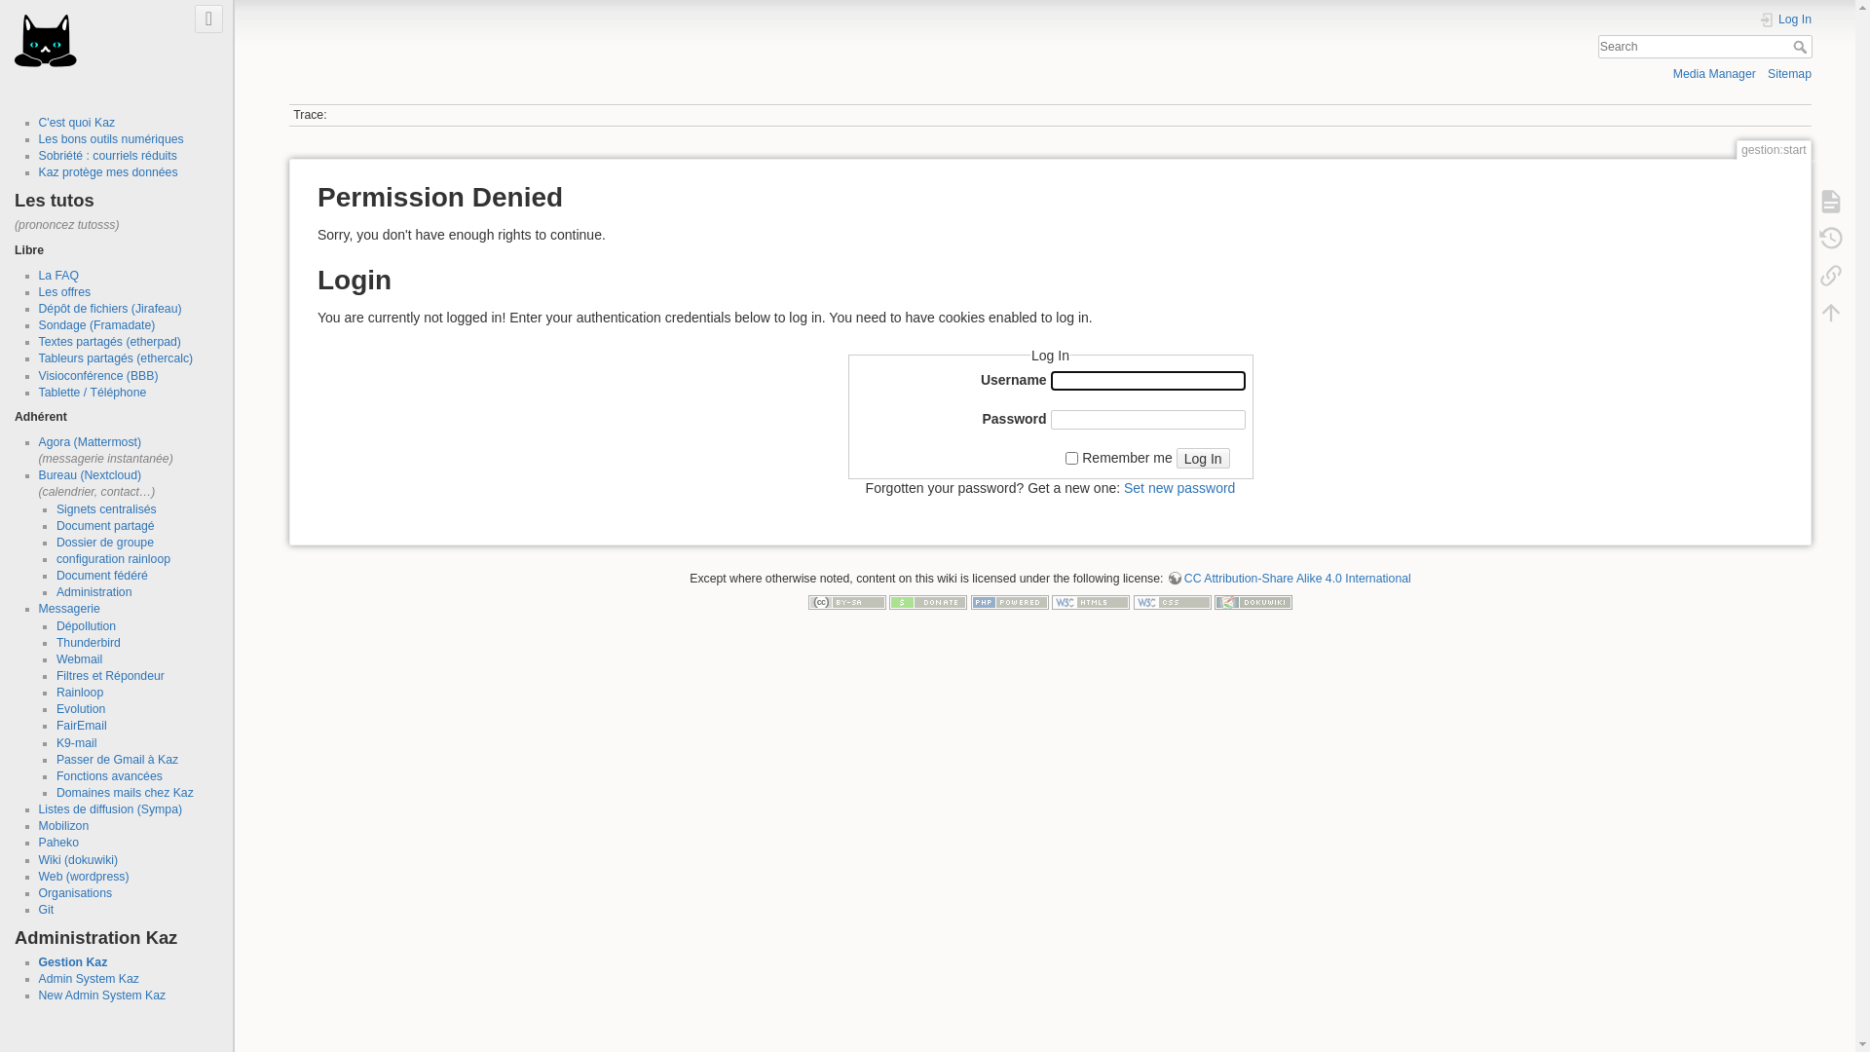 This screenshot has width=1870, height=1052. What do you see at coordinates (1009, 600) in the screenshot?
I see `'Powered by PHP'` at bounding box center [1009, 600].